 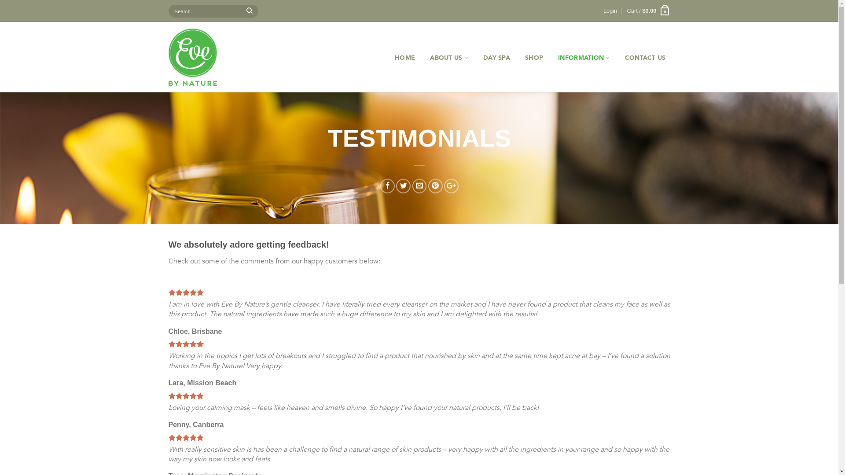 What do you see at coordinates (610, 11) in the screenshot?
I see `'Login'` at bounding box center [610, 11].